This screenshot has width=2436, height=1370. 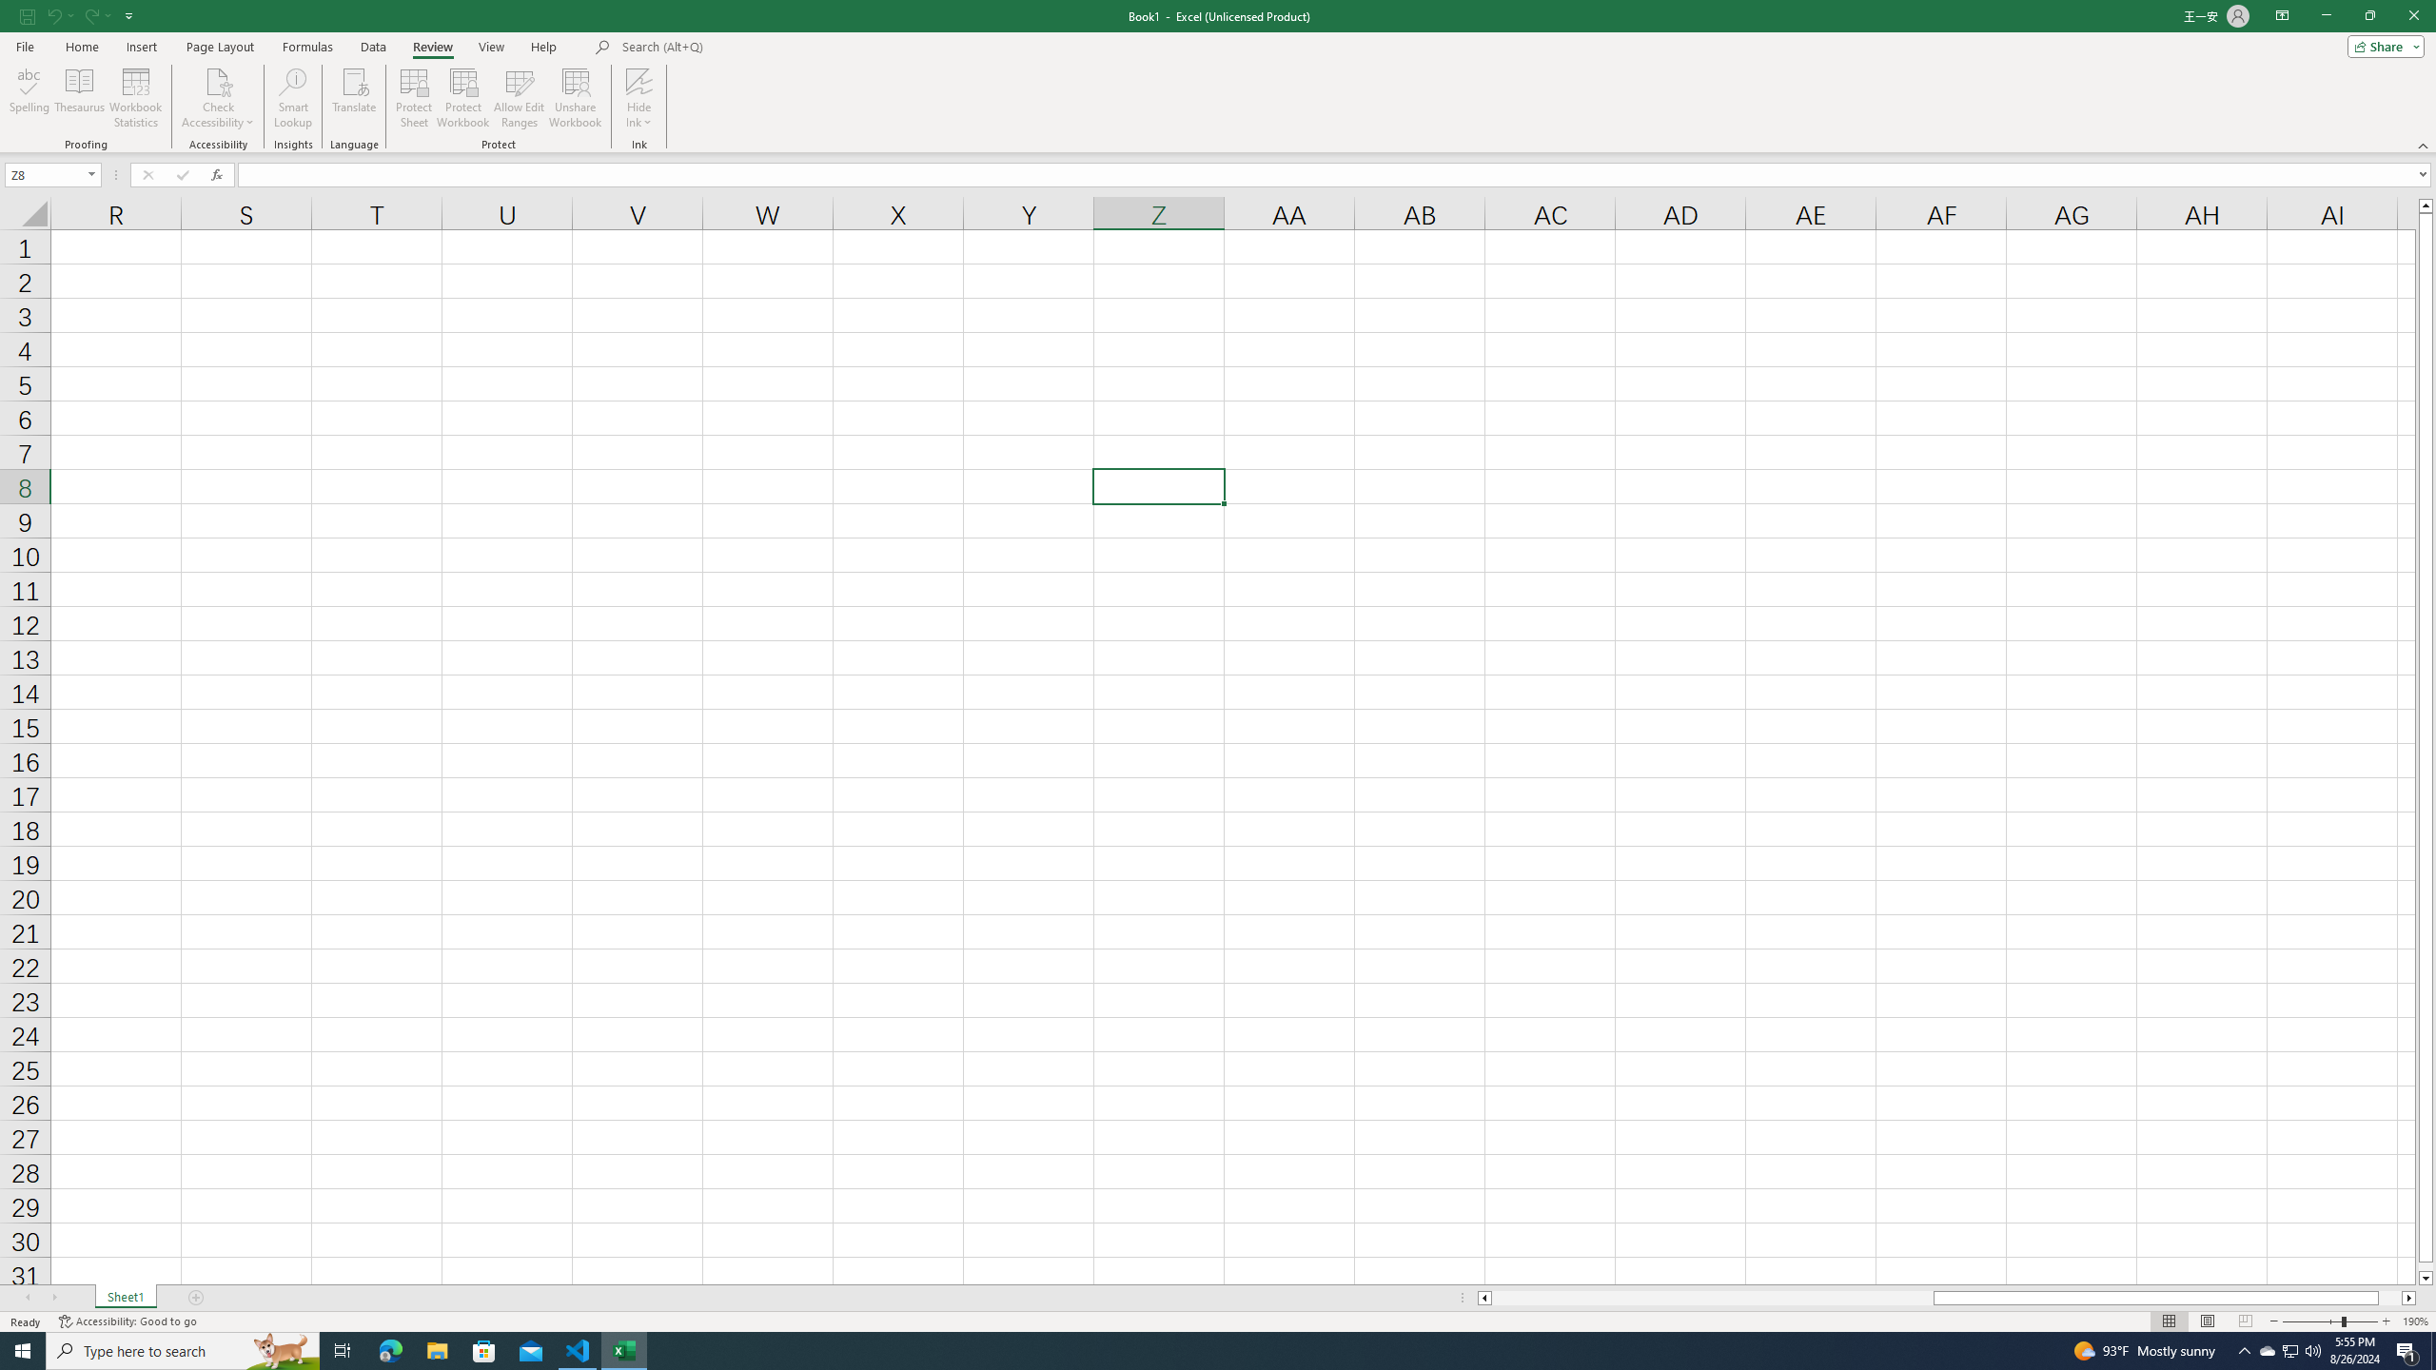 I want to click on 'Smart Lookup', so click(x=292, y=98).